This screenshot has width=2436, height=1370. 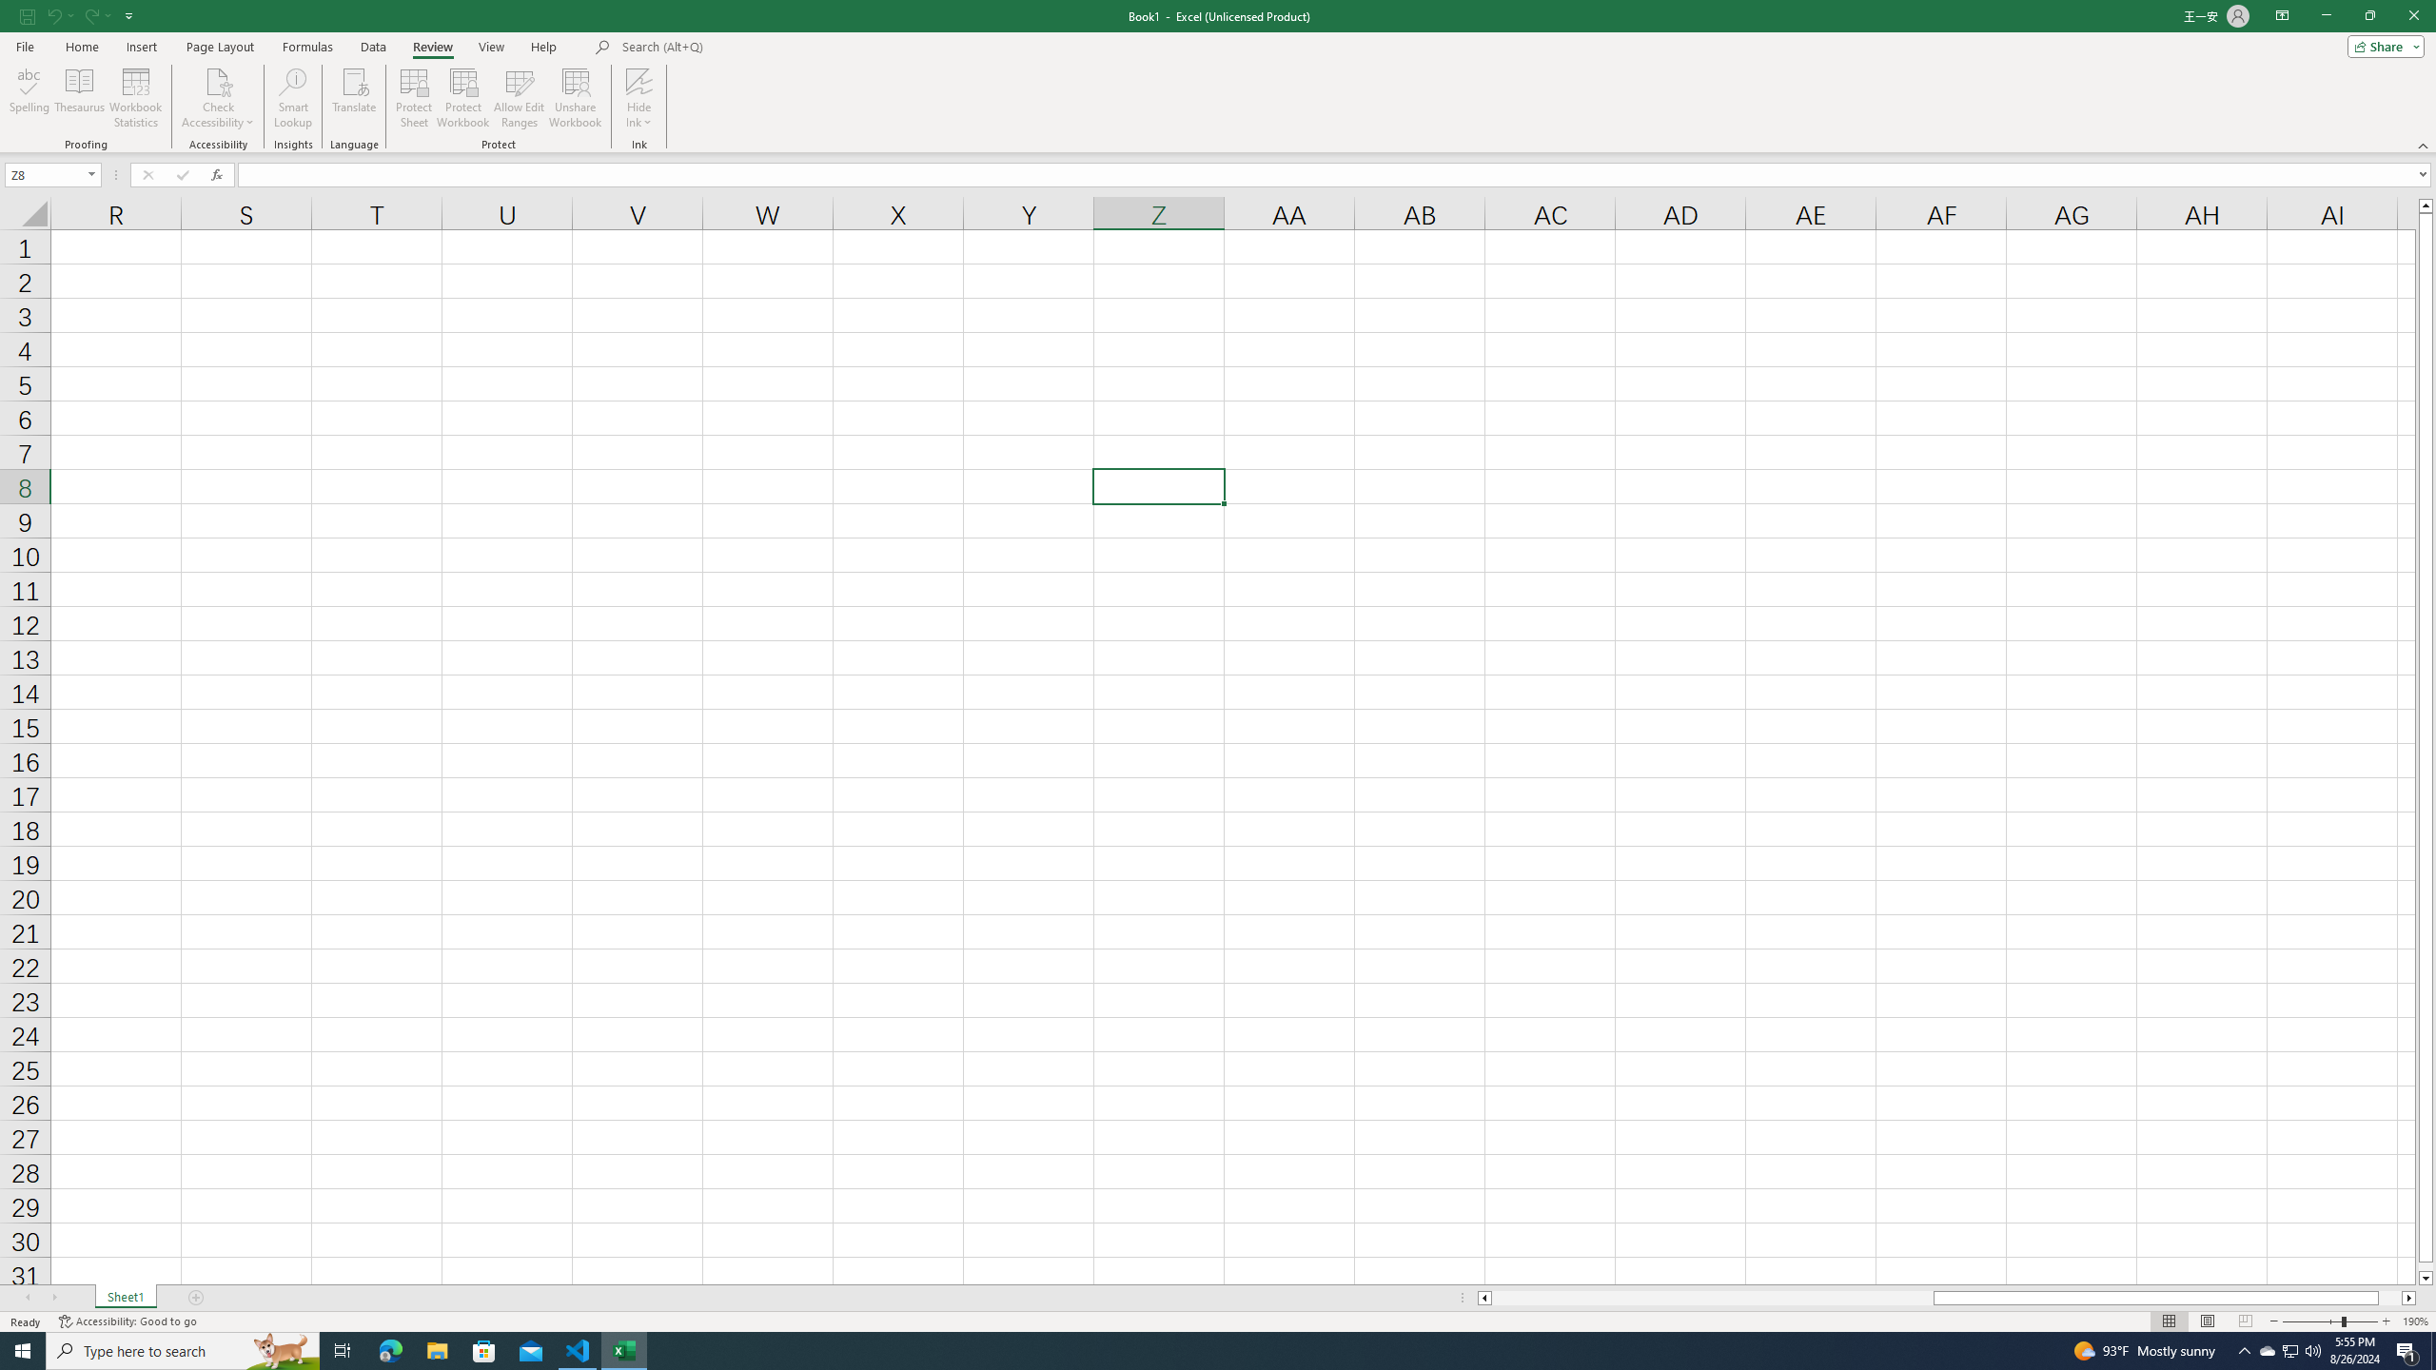 I want to click on 'Smart Lookup', so click(x=292, y=98).